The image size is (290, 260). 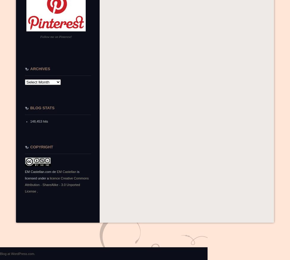 I want to click on 'Blog Stats', so click(x=42, y=107).